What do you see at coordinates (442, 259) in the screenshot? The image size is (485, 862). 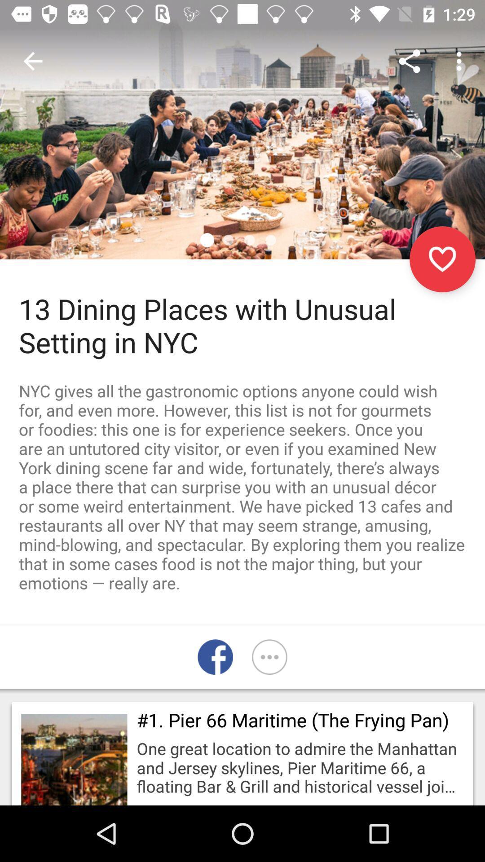 I see `the app above nyc gives all app` at bounding box center [442, 259].